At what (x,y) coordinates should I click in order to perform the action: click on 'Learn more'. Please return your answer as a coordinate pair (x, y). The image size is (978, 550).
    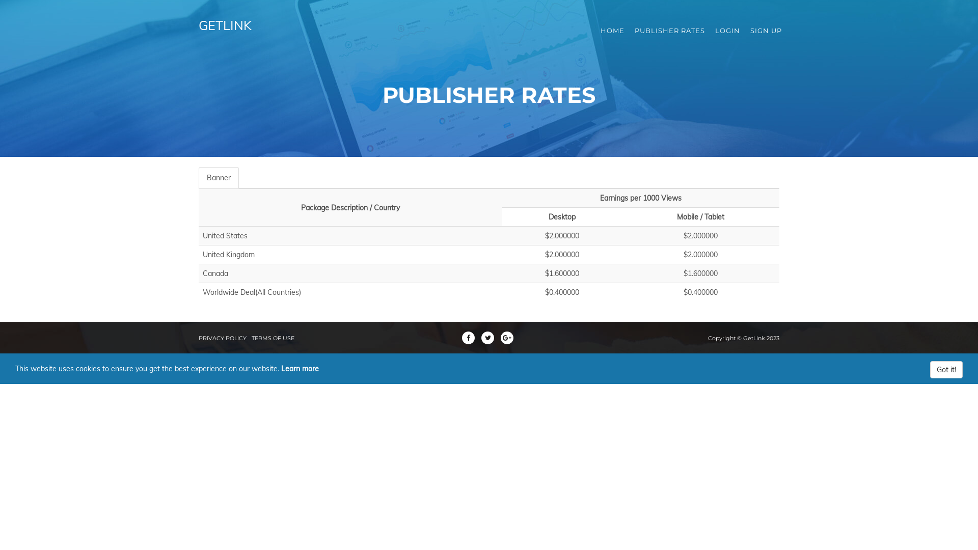
    Looking at the image, I should click on (300, 369).